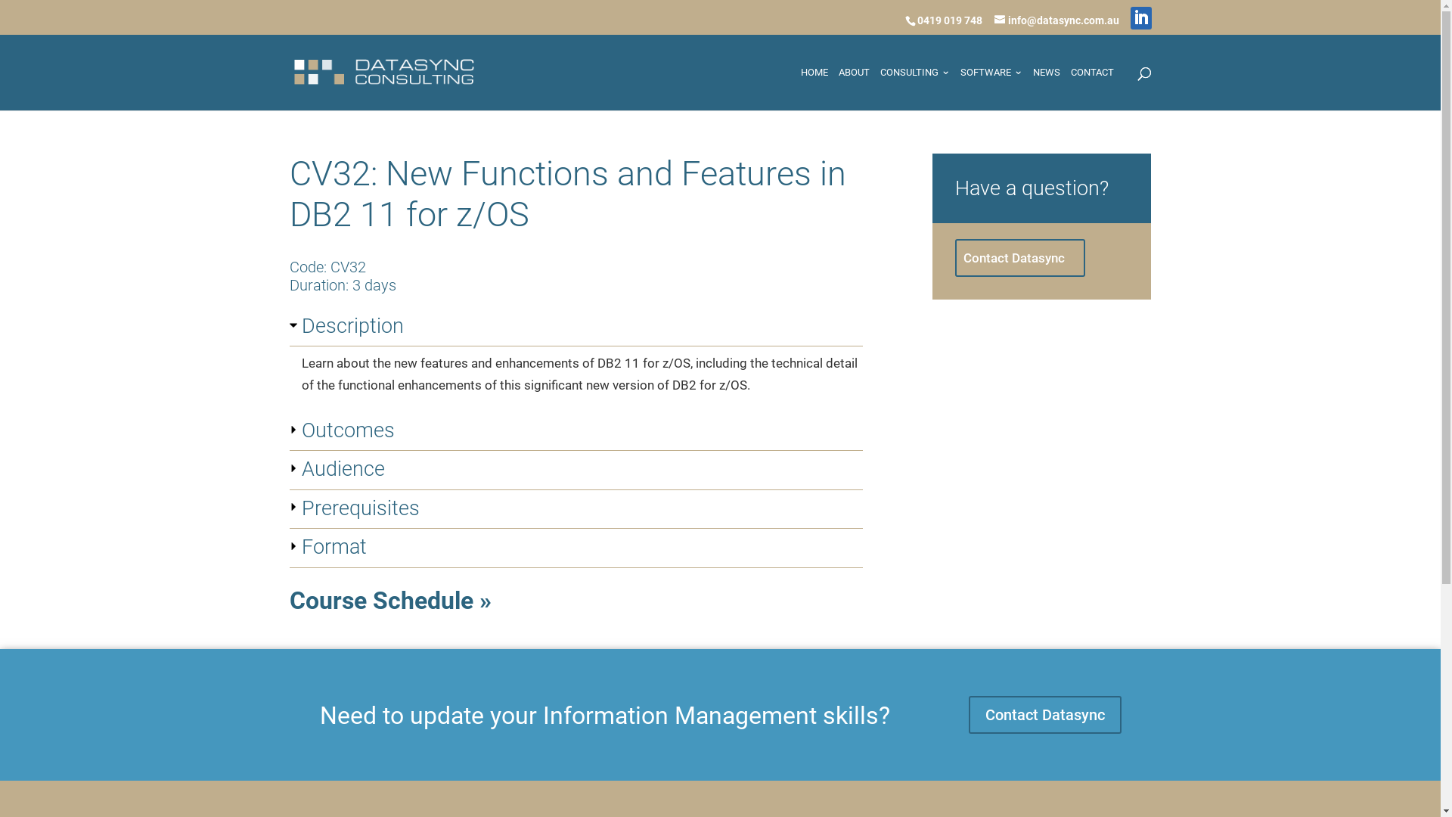 This screenshot has height=817, width=1452. Describe the element at coordinates (991, 88) in the screenshot. I see `'SOFTWARE'` at that location.